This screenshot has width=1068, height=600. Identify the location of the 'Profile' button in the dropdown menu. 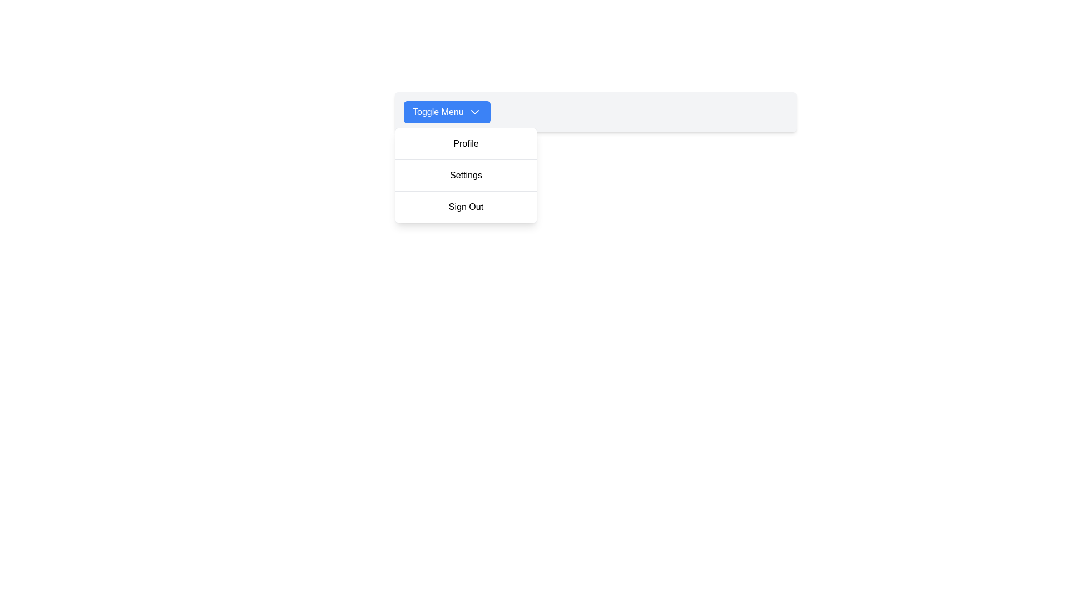
(466, 143).